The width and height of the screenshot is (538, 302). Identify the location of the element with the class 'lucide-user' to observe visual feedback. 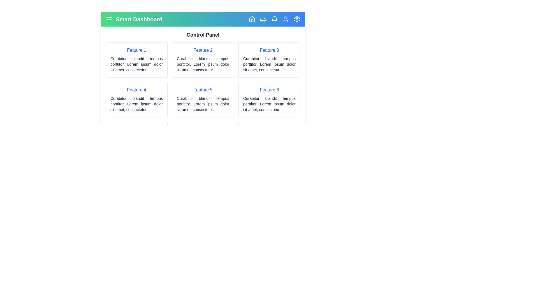
(286, 19).